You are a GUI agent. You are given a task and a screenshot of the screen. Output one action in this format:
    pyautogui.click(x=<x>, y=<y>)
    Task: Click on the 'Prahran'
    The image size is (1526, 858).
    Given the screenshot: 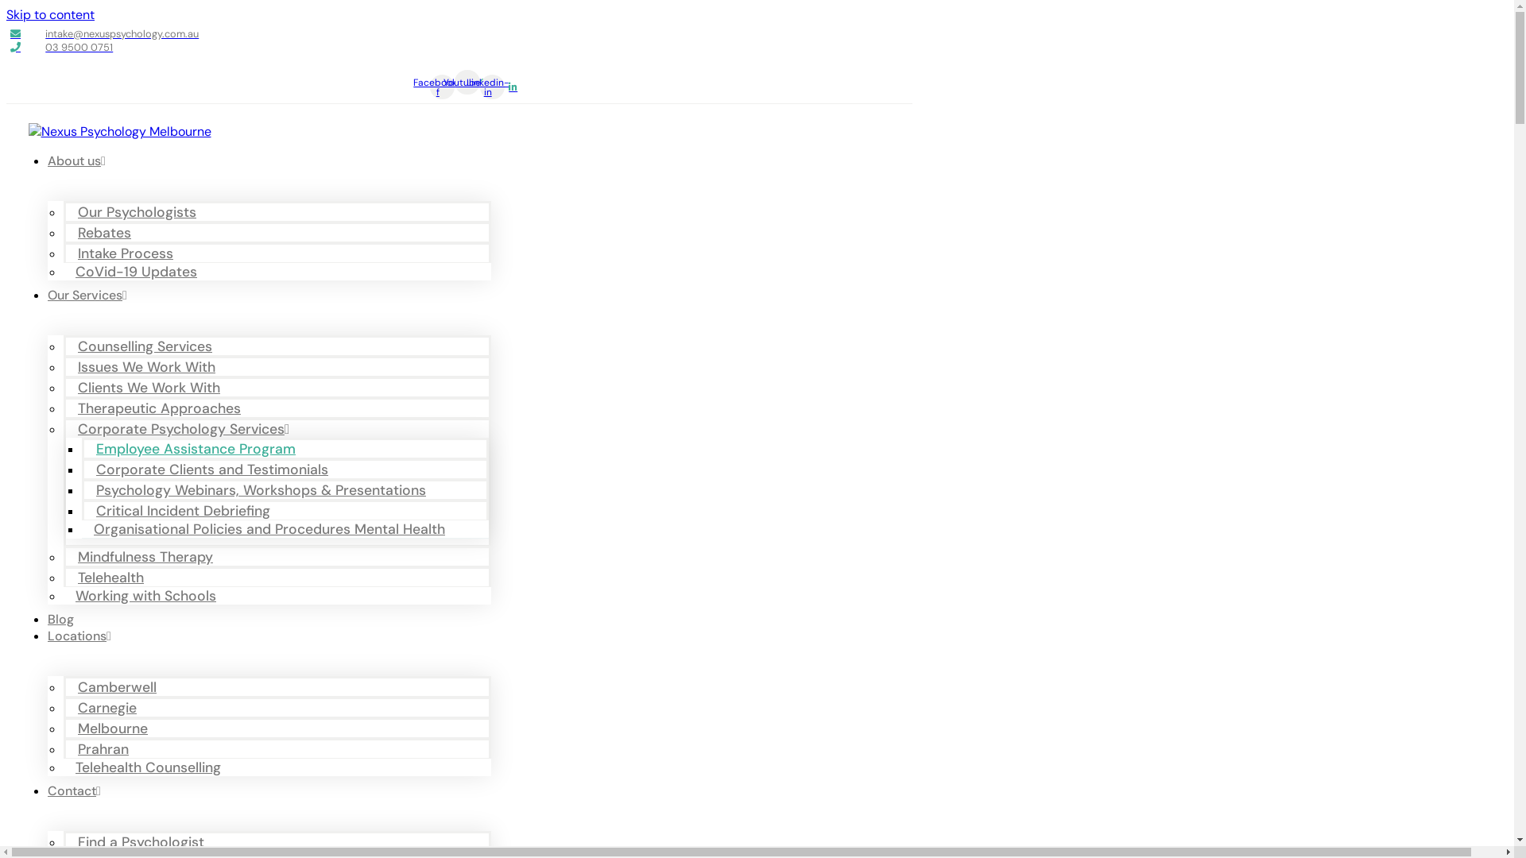 What is the action you would take?
    pyautogui.click(x=106, y=748)
    